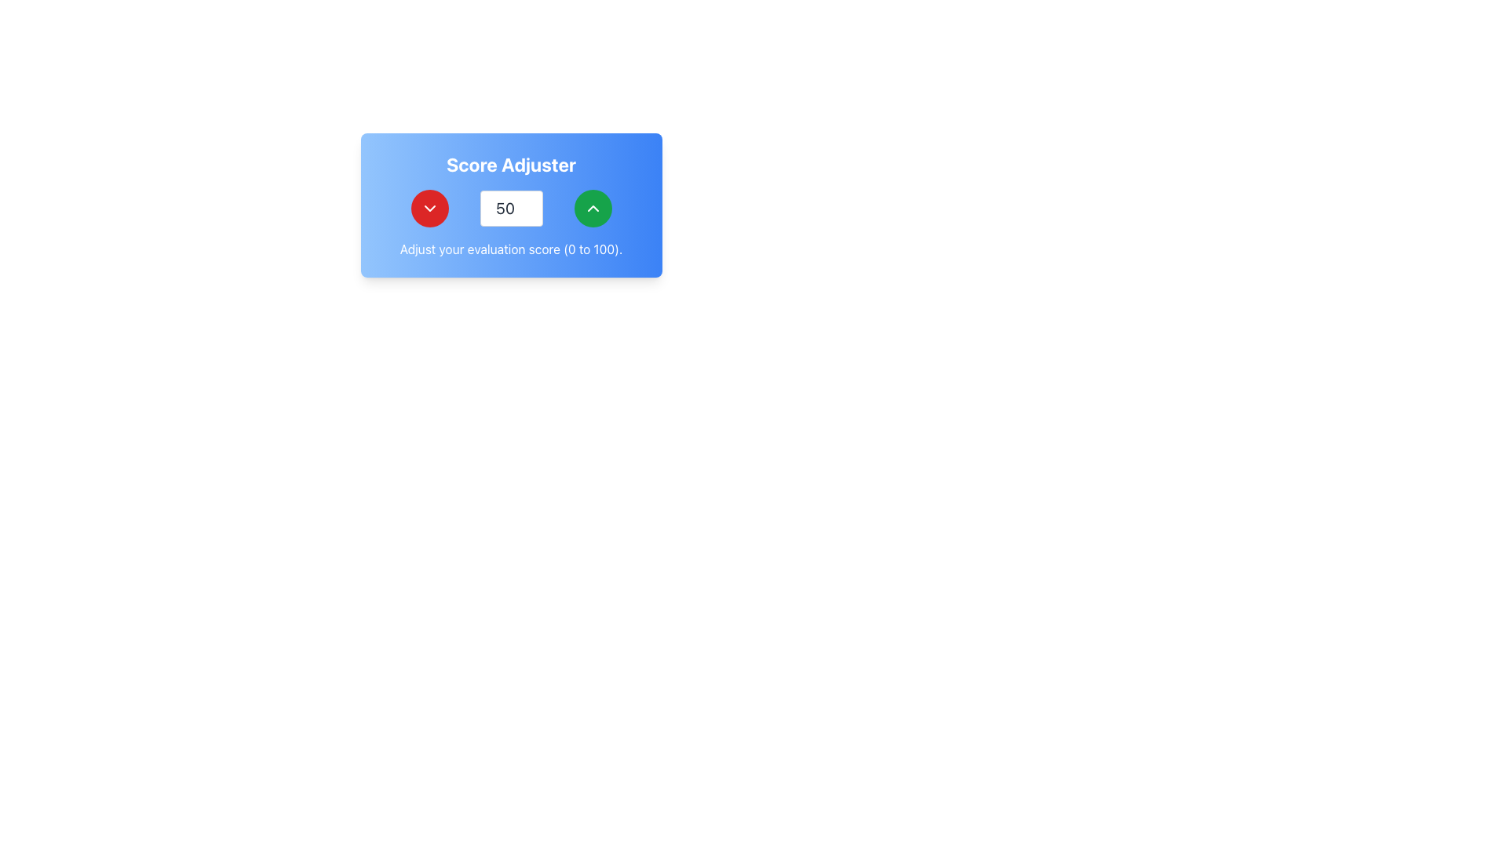 This screenshot has width=1507, height=847. Describe the element at coordinates (429, 208) in the screenshot. I see `the first button` at that location.